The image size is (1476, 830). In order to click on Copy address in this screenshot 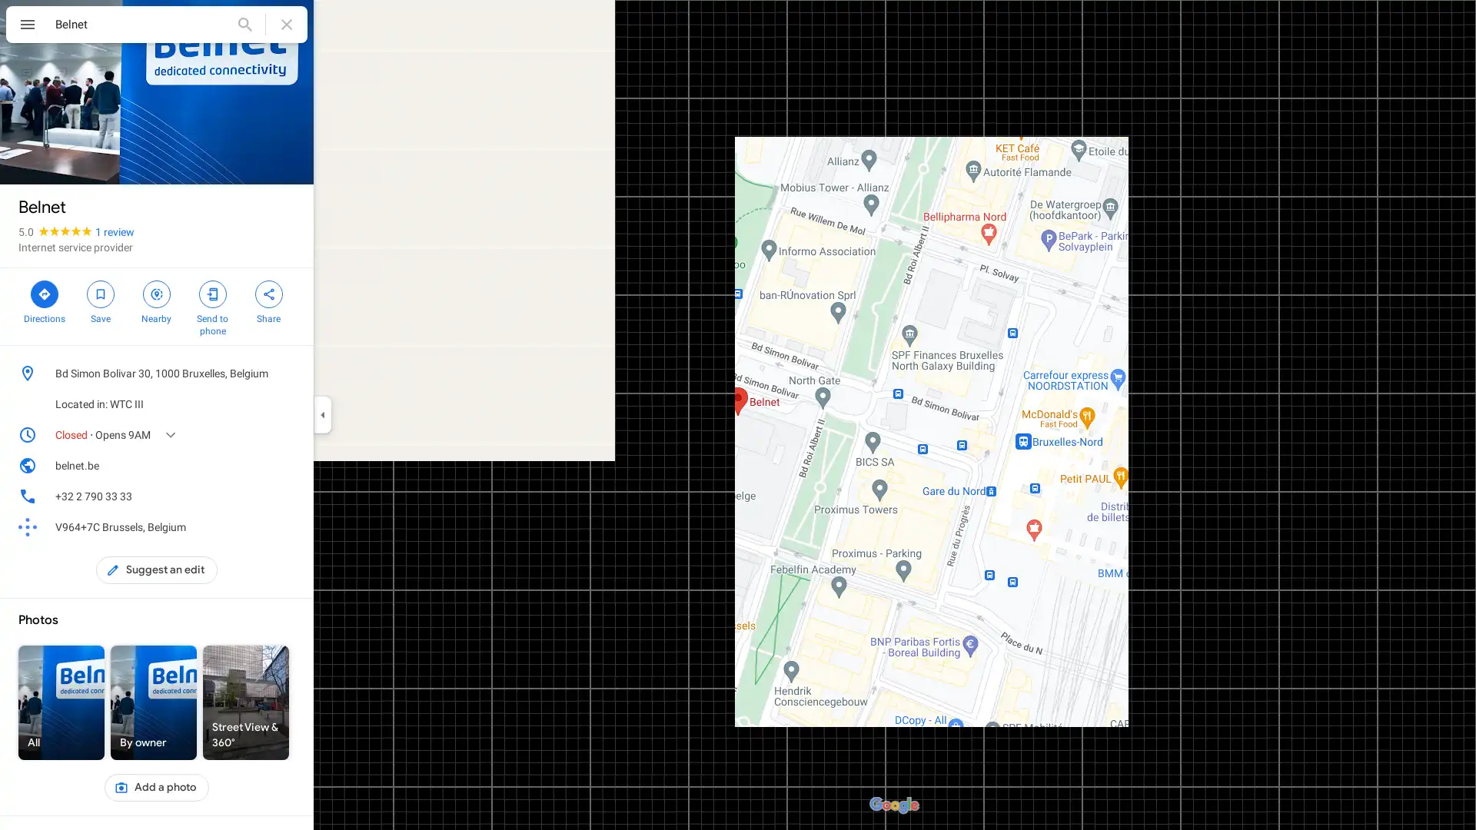, I will do `click(288, 373)`.